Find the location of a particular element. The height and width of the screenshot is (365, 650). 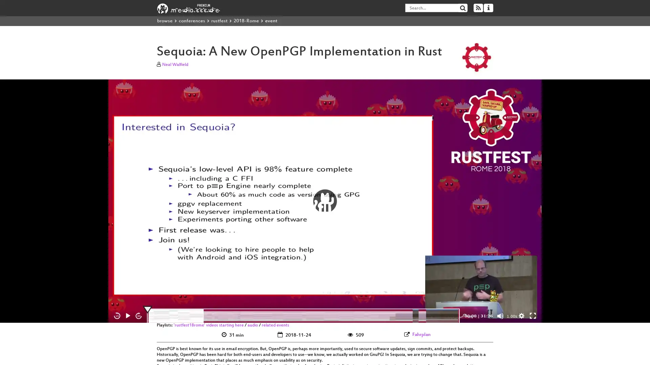

Play is located at coordinates (325, 200).